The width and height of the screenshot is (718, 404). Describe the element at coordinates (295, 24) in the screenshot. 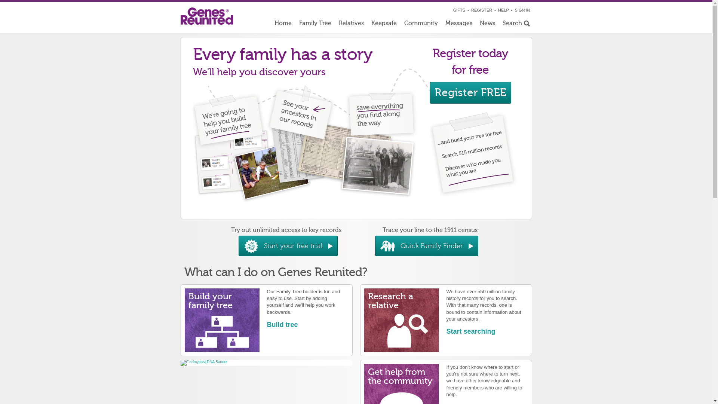

I see `'Family Tree'` at that location.